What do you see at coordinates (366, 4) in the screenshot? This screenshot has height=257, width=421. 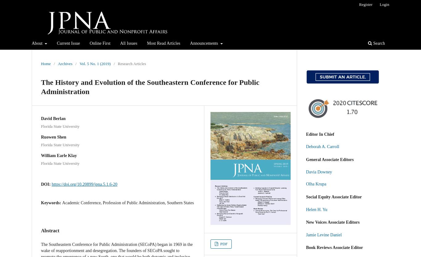 I see `'Register'` at bounding box center [366, 4].